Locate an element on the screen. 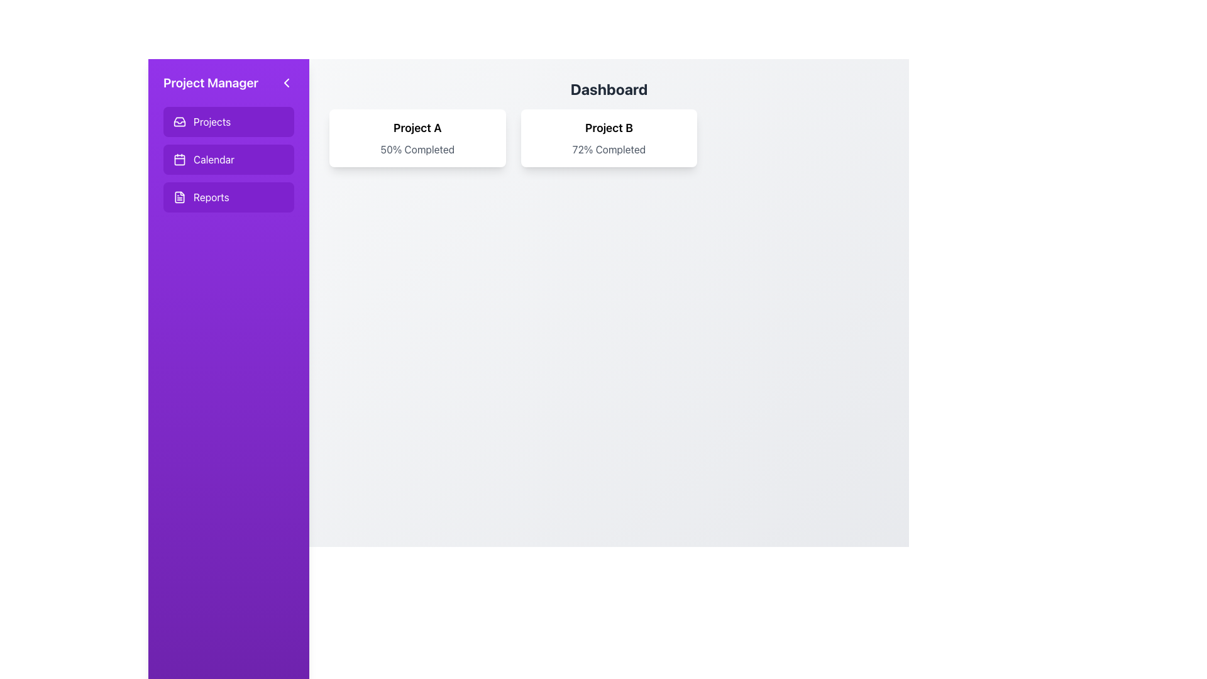 This screenshot has height=679, width=1207. the third button in the vertical list on the leftmost panel to change its appearance, which navigates to the 'Reports' section is located at coordinates (229, 197).